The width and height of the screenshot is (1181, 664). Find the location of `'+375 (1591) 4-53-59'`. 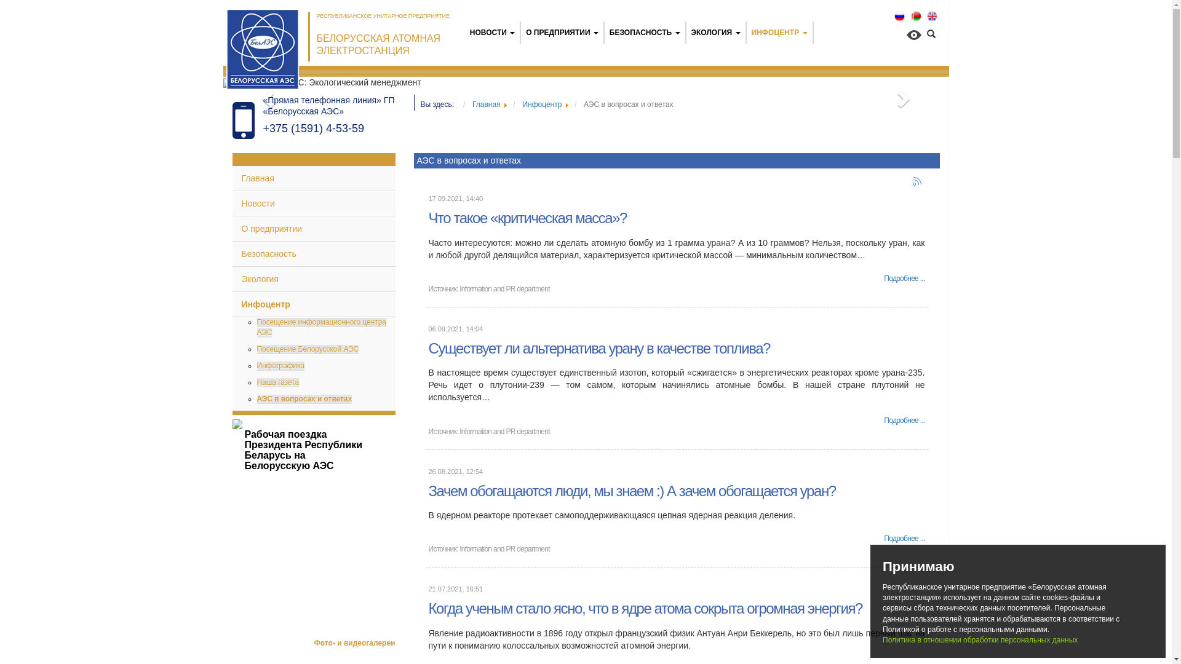

'+375 (1591) 4-53-59' is located at coordinates (262, 128).